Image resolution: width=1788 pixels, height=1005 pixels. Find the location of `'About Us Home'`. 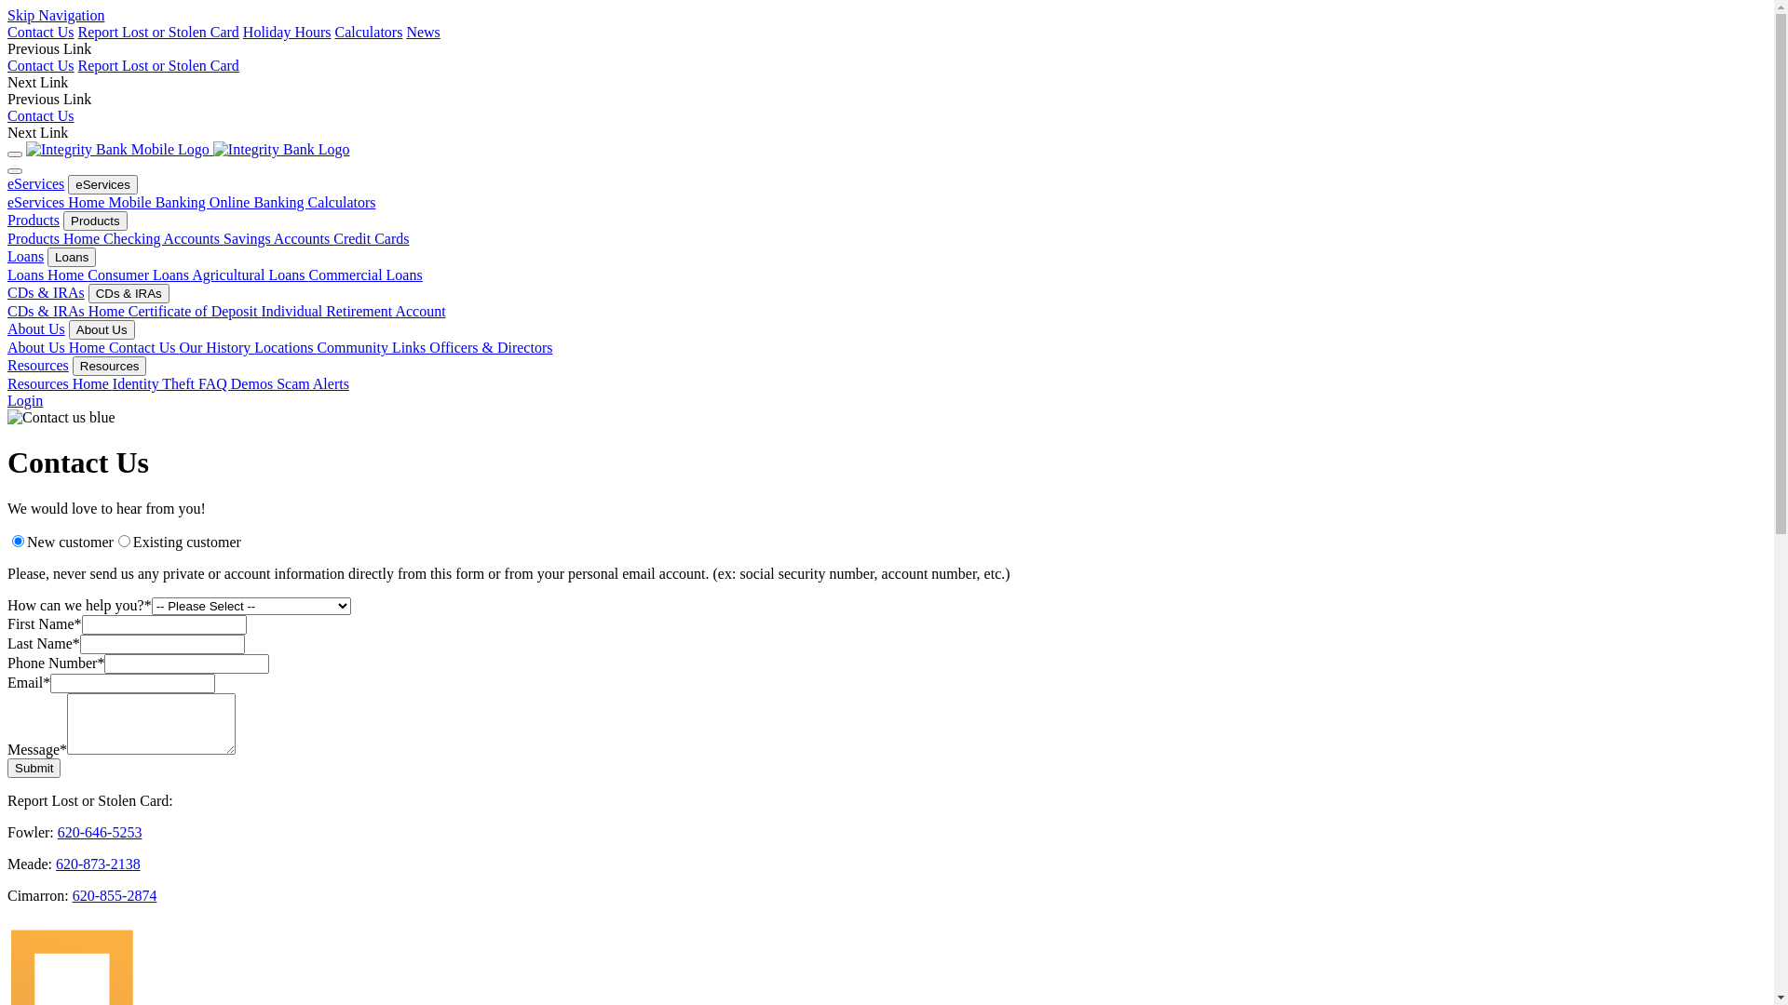

'About Us Home' is located at coordinates (58, 347).